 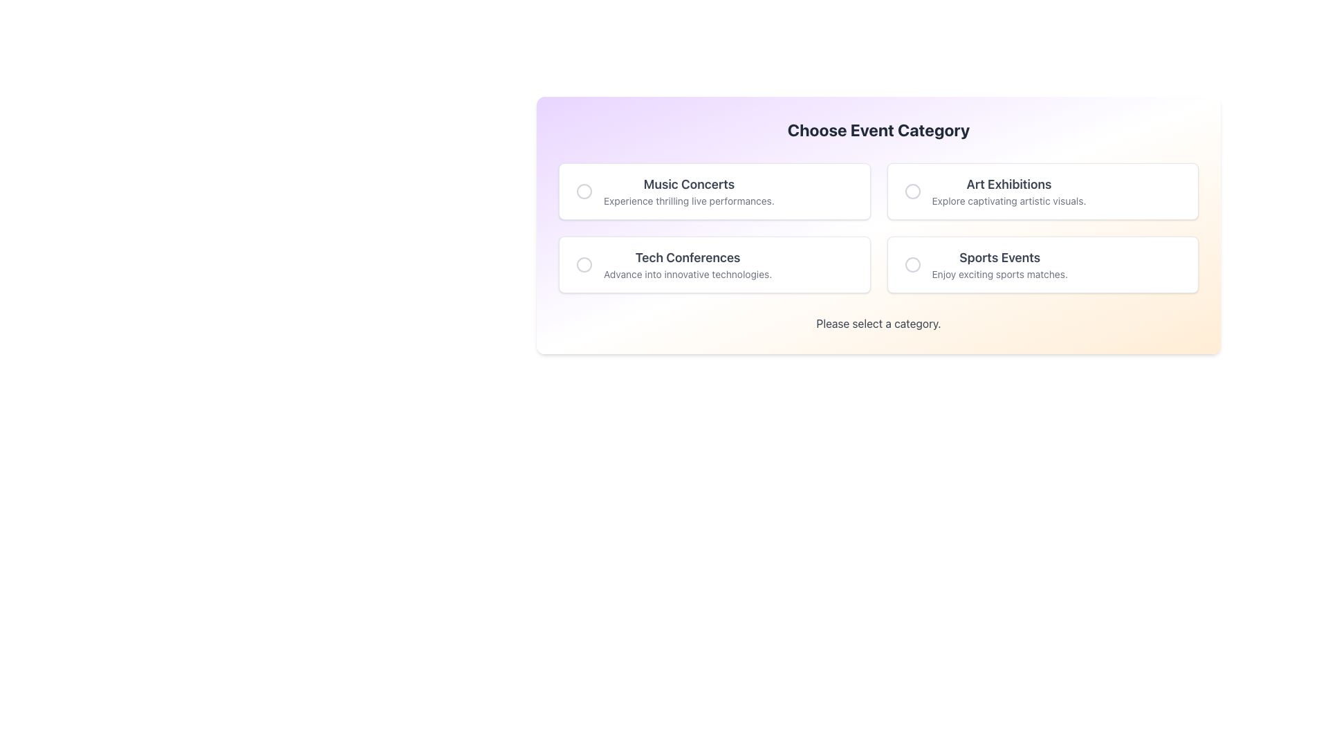 I want to click on the 'Tech Conferences' text label, which features bold, large text in a darker color with the subtitle 'Advance into innovative technologies' below it, so click(x=688, y=264).